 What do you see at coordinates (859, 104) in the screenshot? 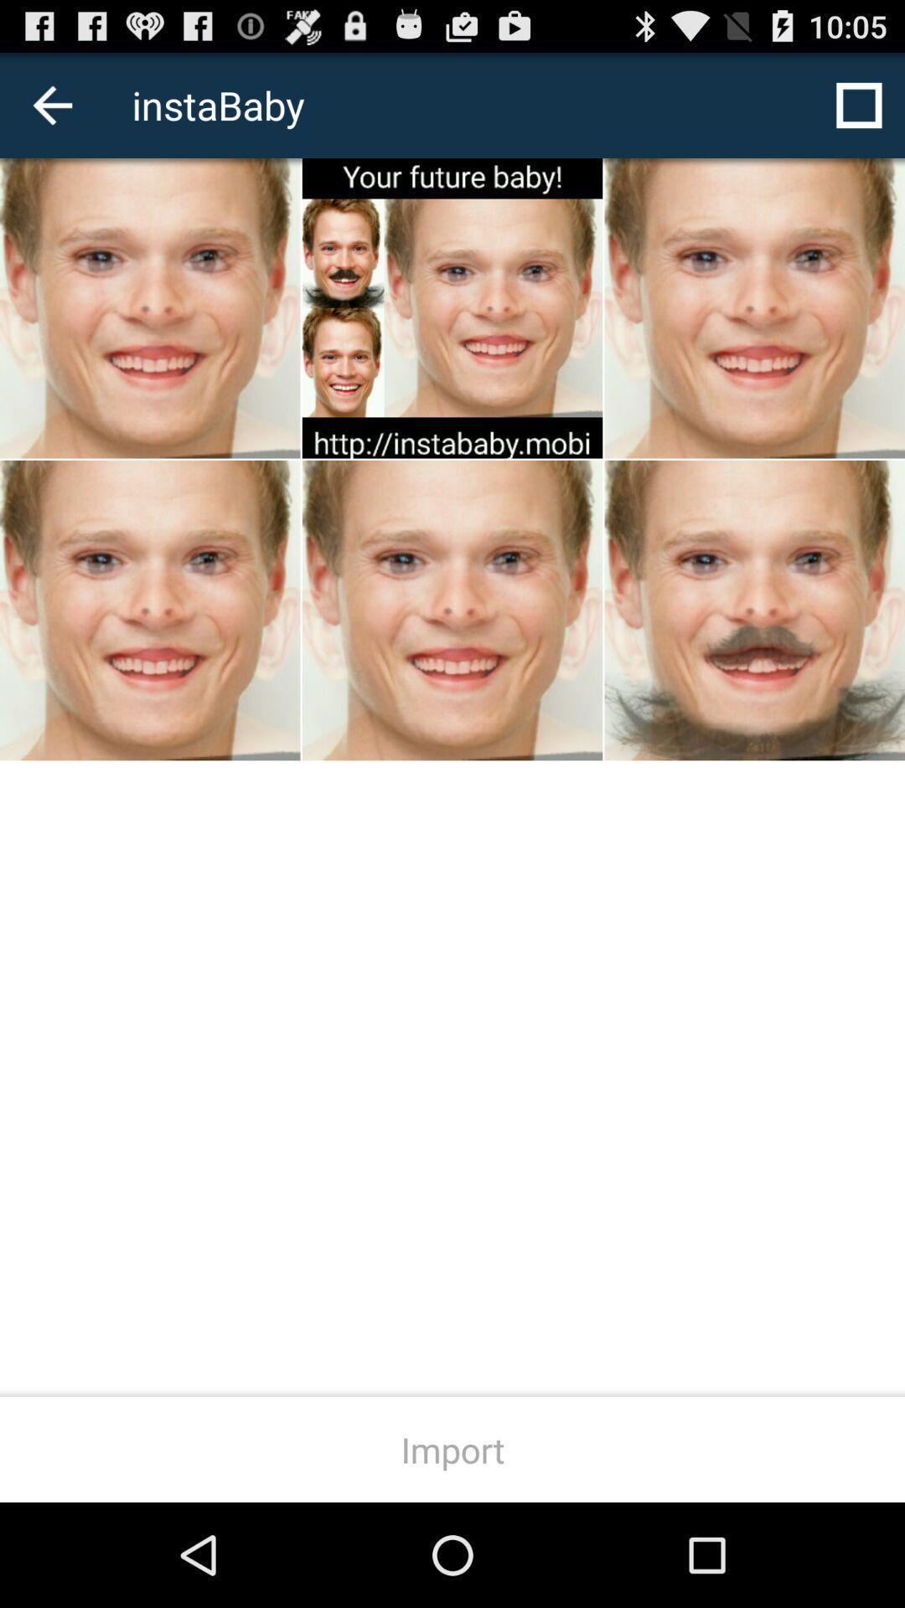
I see `the icon at top right corner` at bounding box center [859, 104].